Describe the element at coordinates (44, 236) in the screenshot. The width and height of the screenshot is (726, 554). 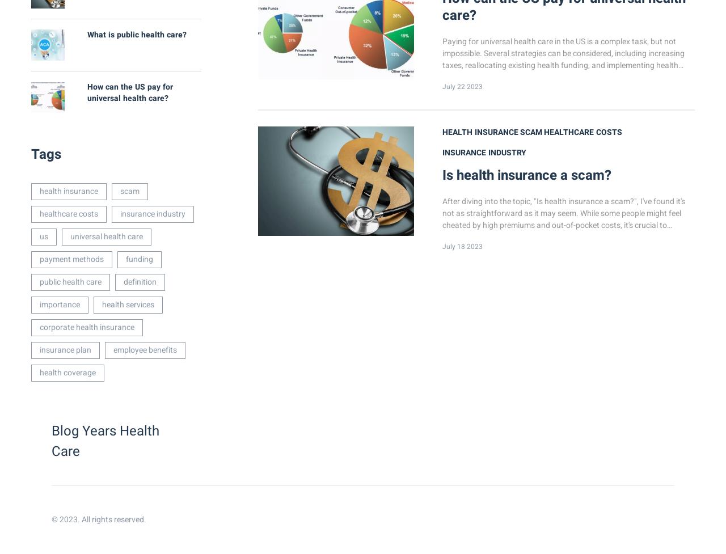
I see `'us'` at that location.